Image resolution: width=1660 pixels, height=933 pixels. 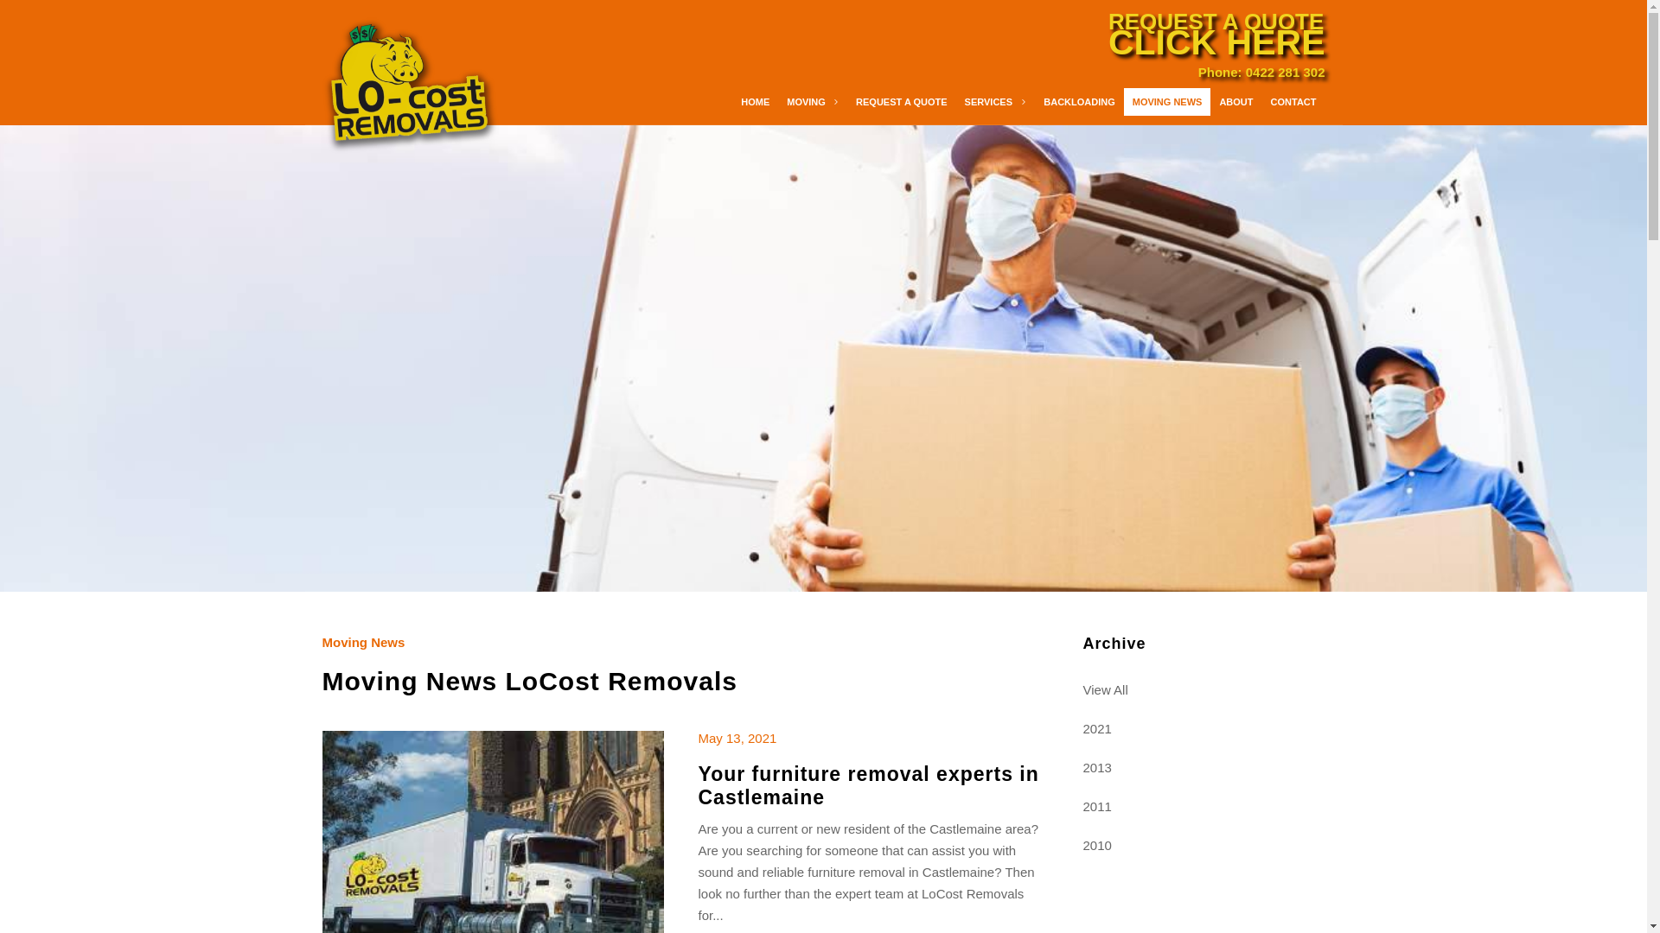 I want to click on 'CONTACT', so click(x=1293, y=102).